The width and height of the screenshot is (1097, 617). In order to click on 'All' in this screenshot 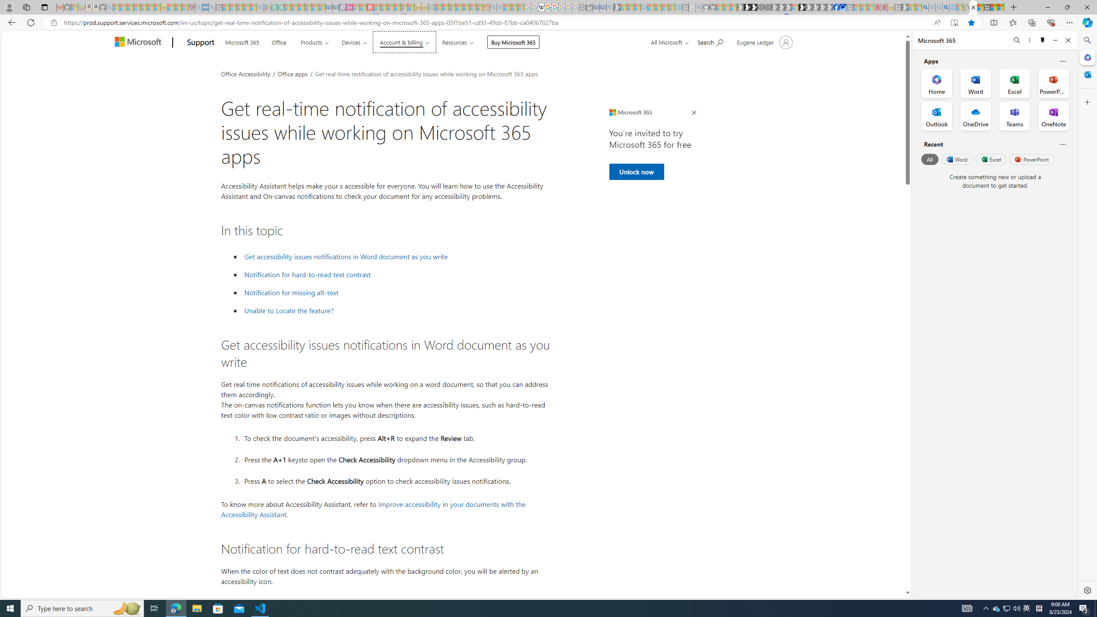, I will do `click(929, 159)`.